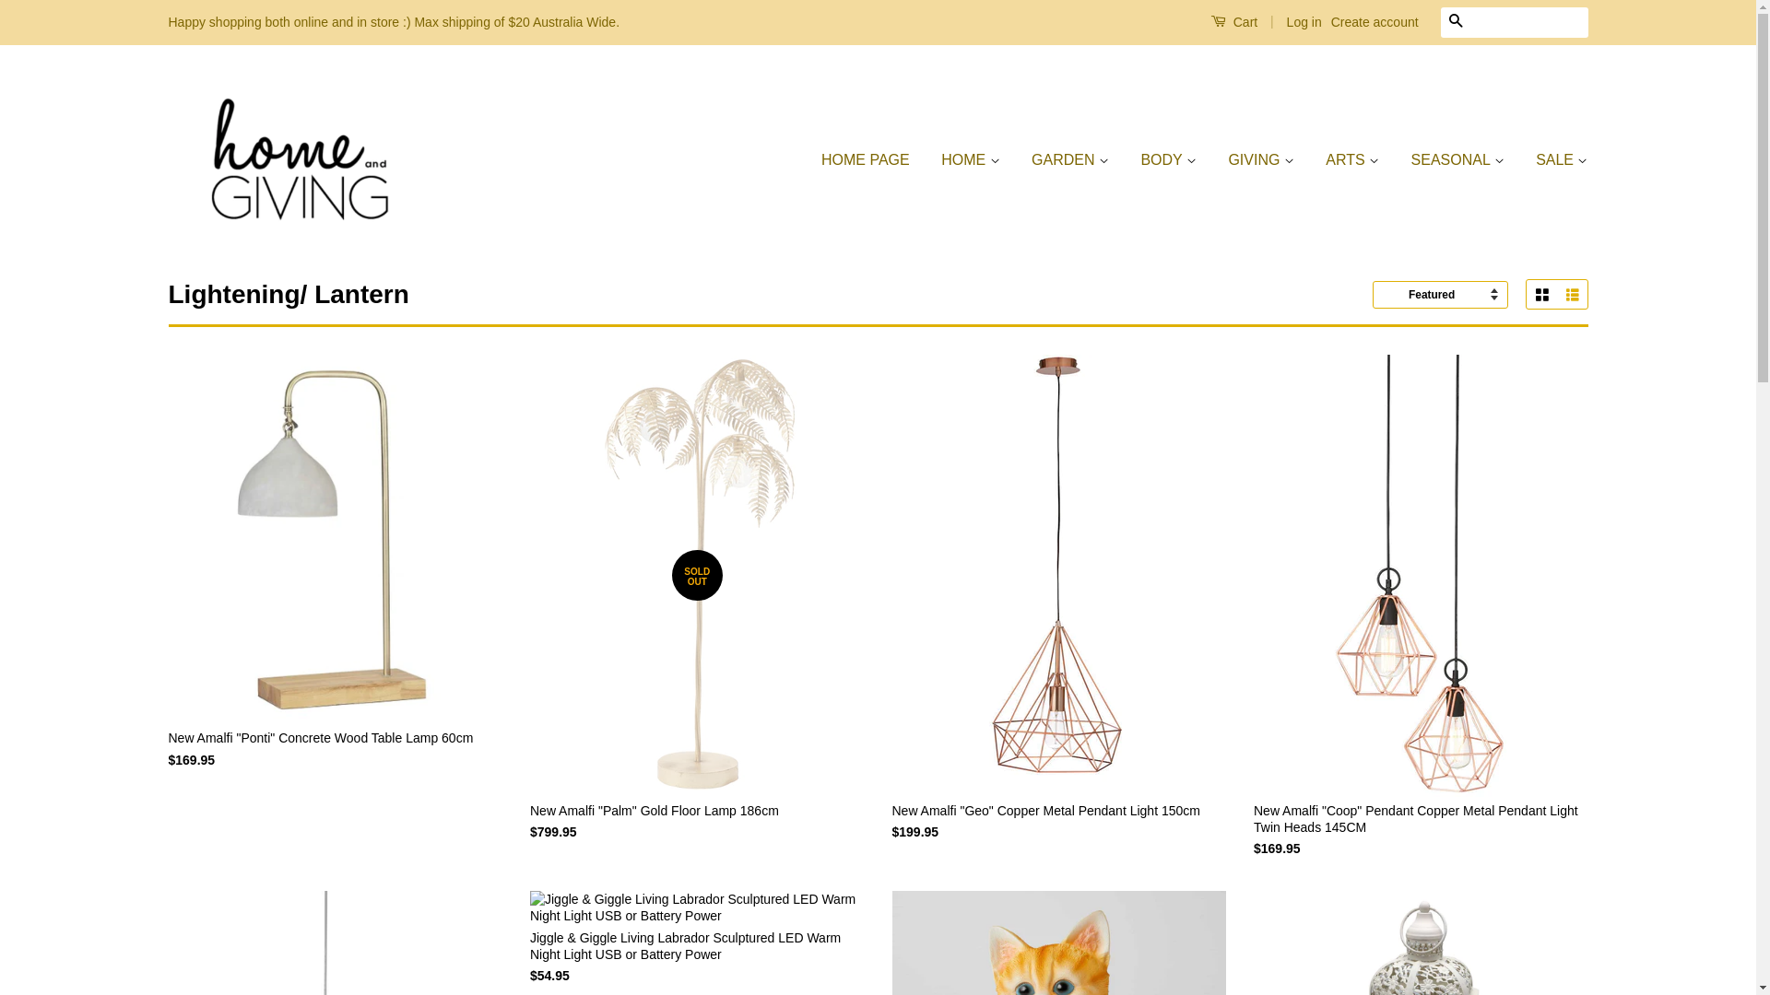 Image resolution: width=1770 pixels, height=995 pixels. What do you see at coordinates (1553, 159) in the screenshot?
I see `'SALE'` at bounding box center [1553, 159].